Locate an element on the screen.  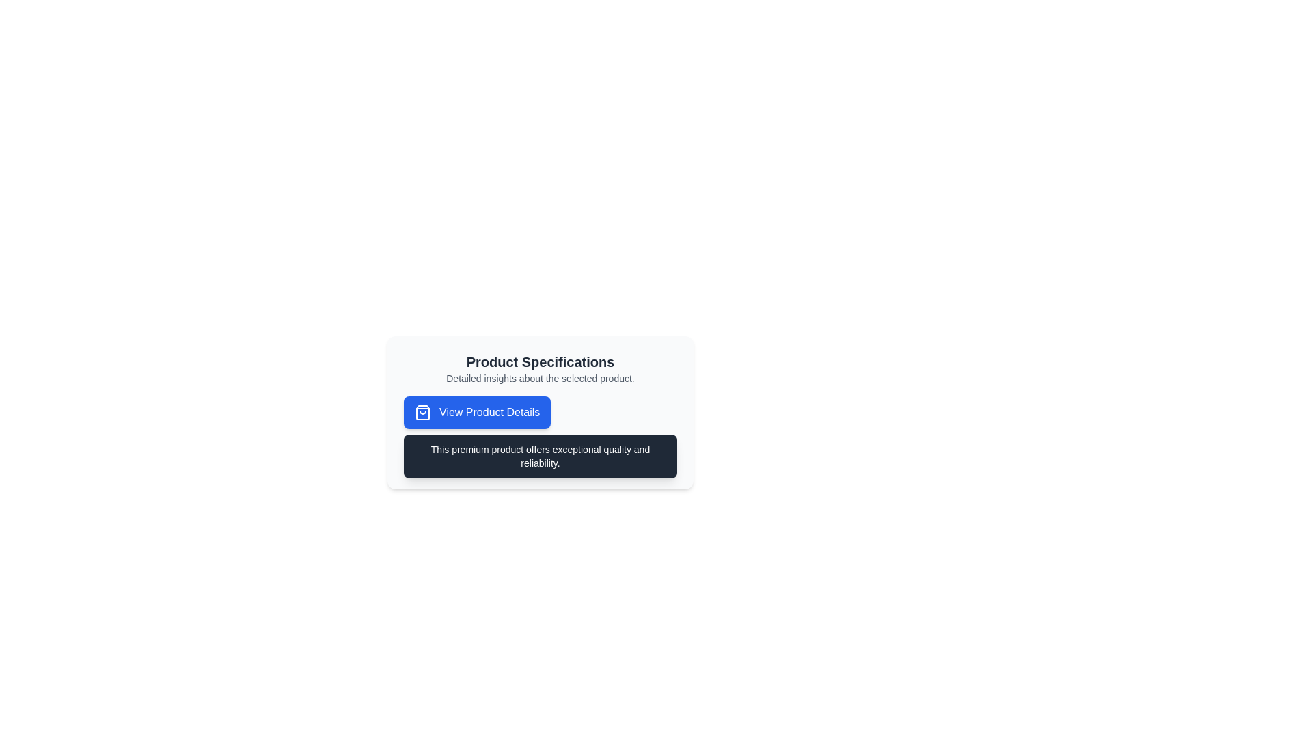
the title or heading that indicates the start of the product specifications section, located at the center of the interface is located at coordinates (540, 361).